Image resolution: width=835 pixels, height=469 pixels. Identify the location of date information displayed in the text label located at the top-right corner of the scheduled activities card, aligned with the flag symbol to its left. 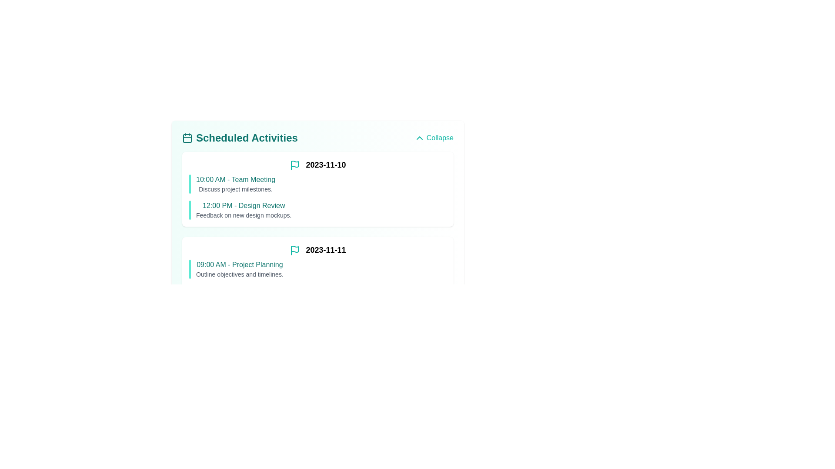
(317, 165).